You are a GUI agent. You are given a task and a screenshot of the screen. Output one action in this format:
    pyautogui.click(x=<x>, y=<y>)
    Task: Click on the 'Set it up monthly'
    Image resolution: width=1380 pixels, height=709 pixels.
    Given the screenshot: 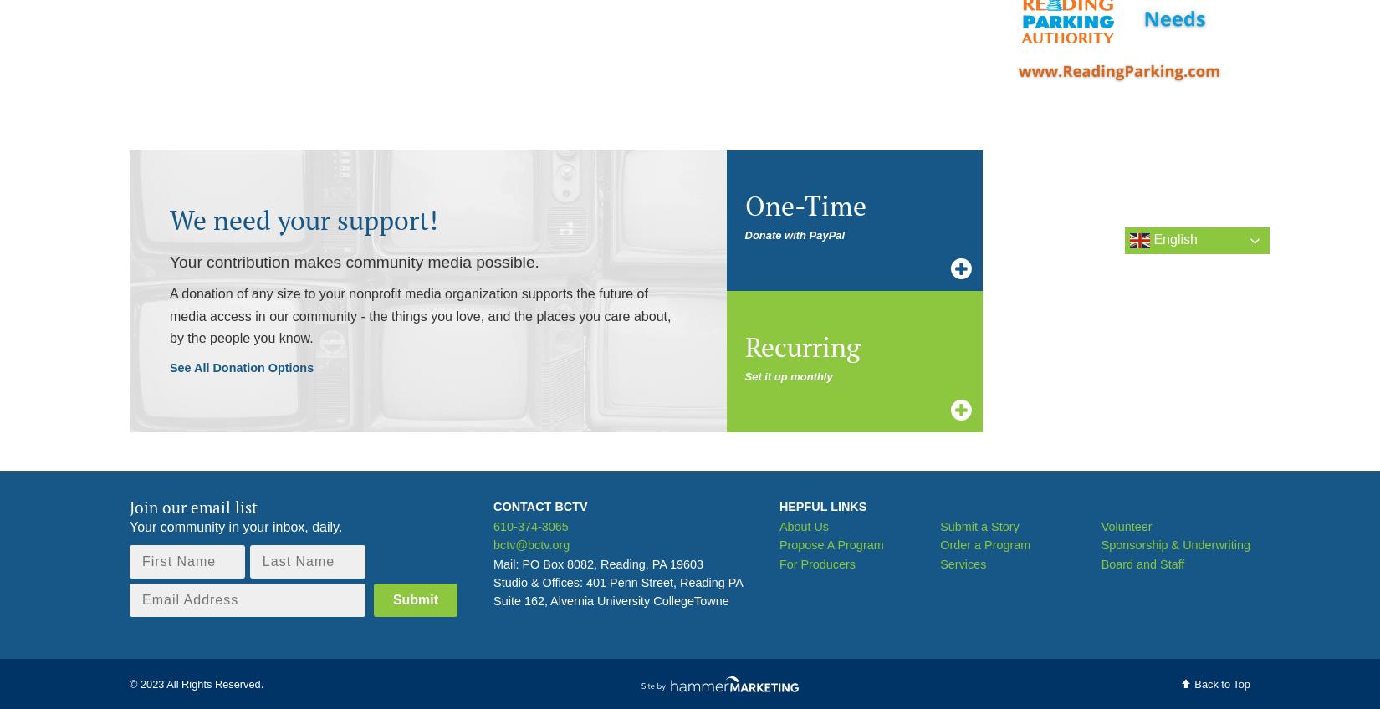 What is the action you would take?
    pyautogui.click(x=788, y=375)
    